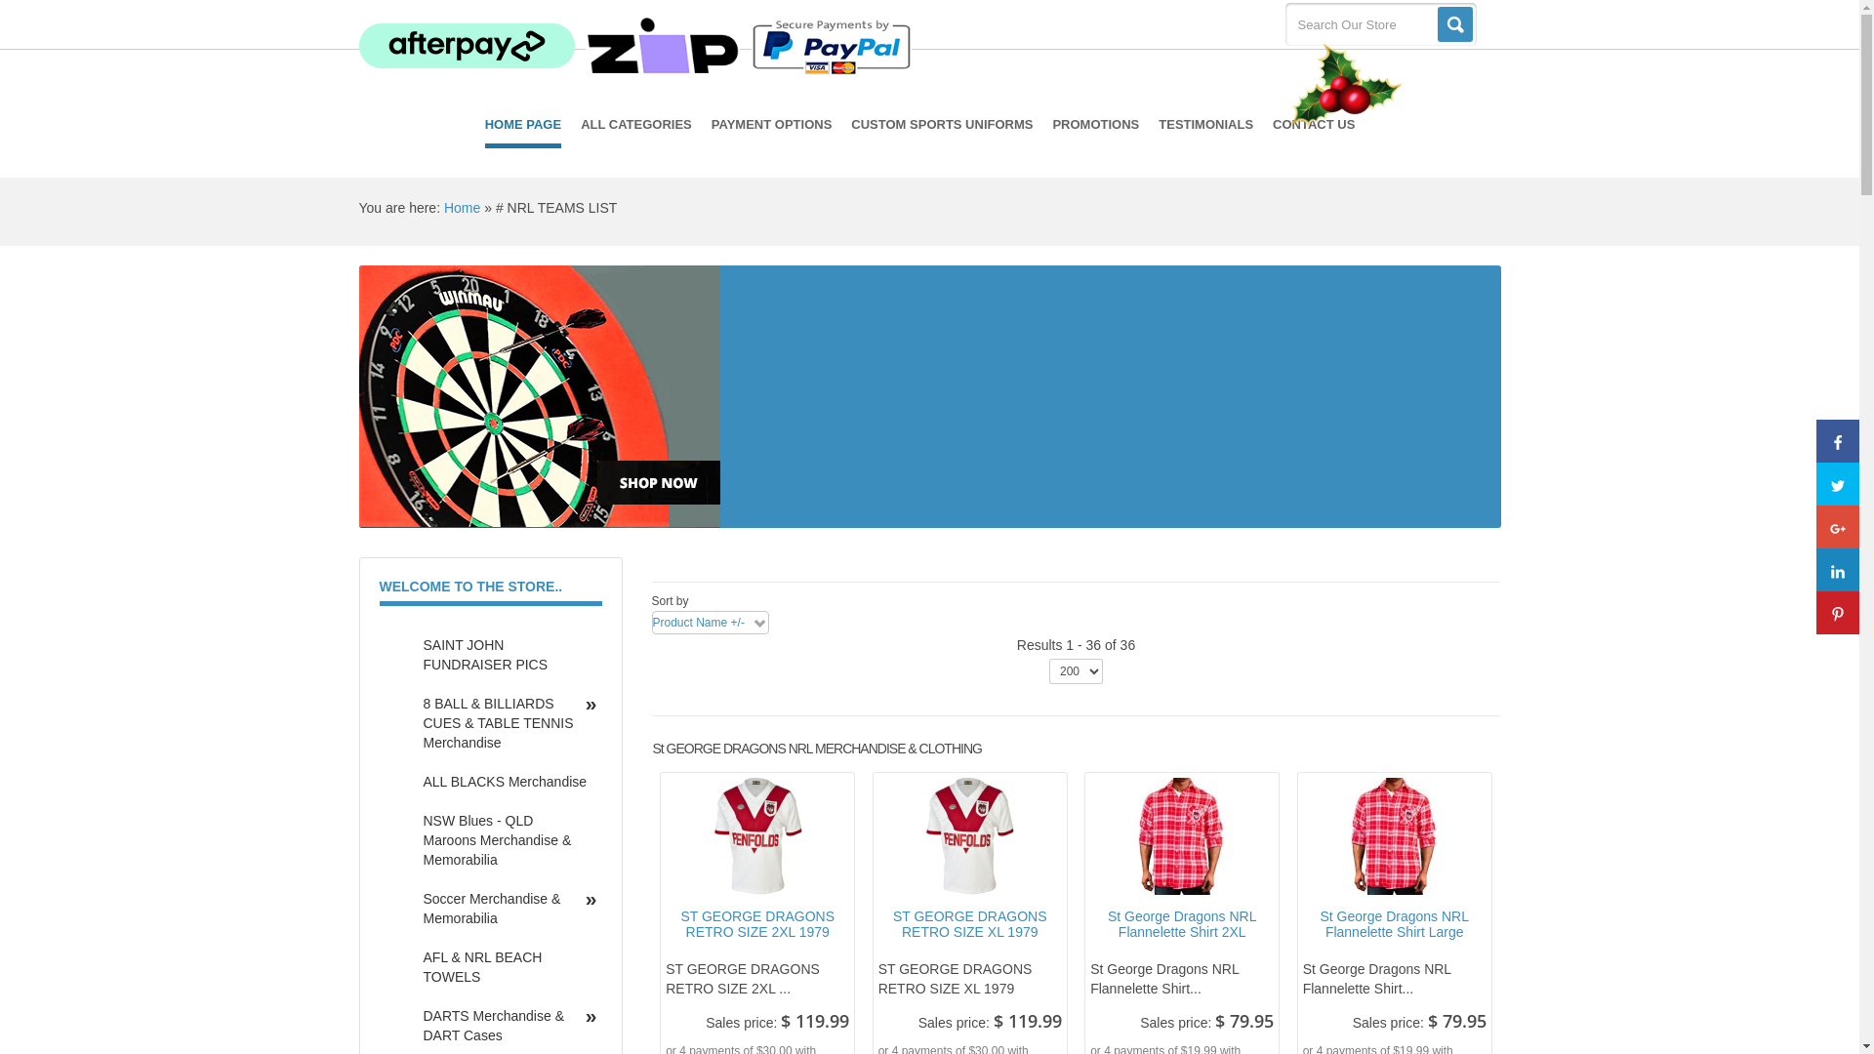 Image resolution: width=1874 pixels, height=1054 pixels. What do you see at coordinates (711, 124) in the screenshot?
I see `'PAYMENT OPTIONS'` at bounding box center [711, 124].